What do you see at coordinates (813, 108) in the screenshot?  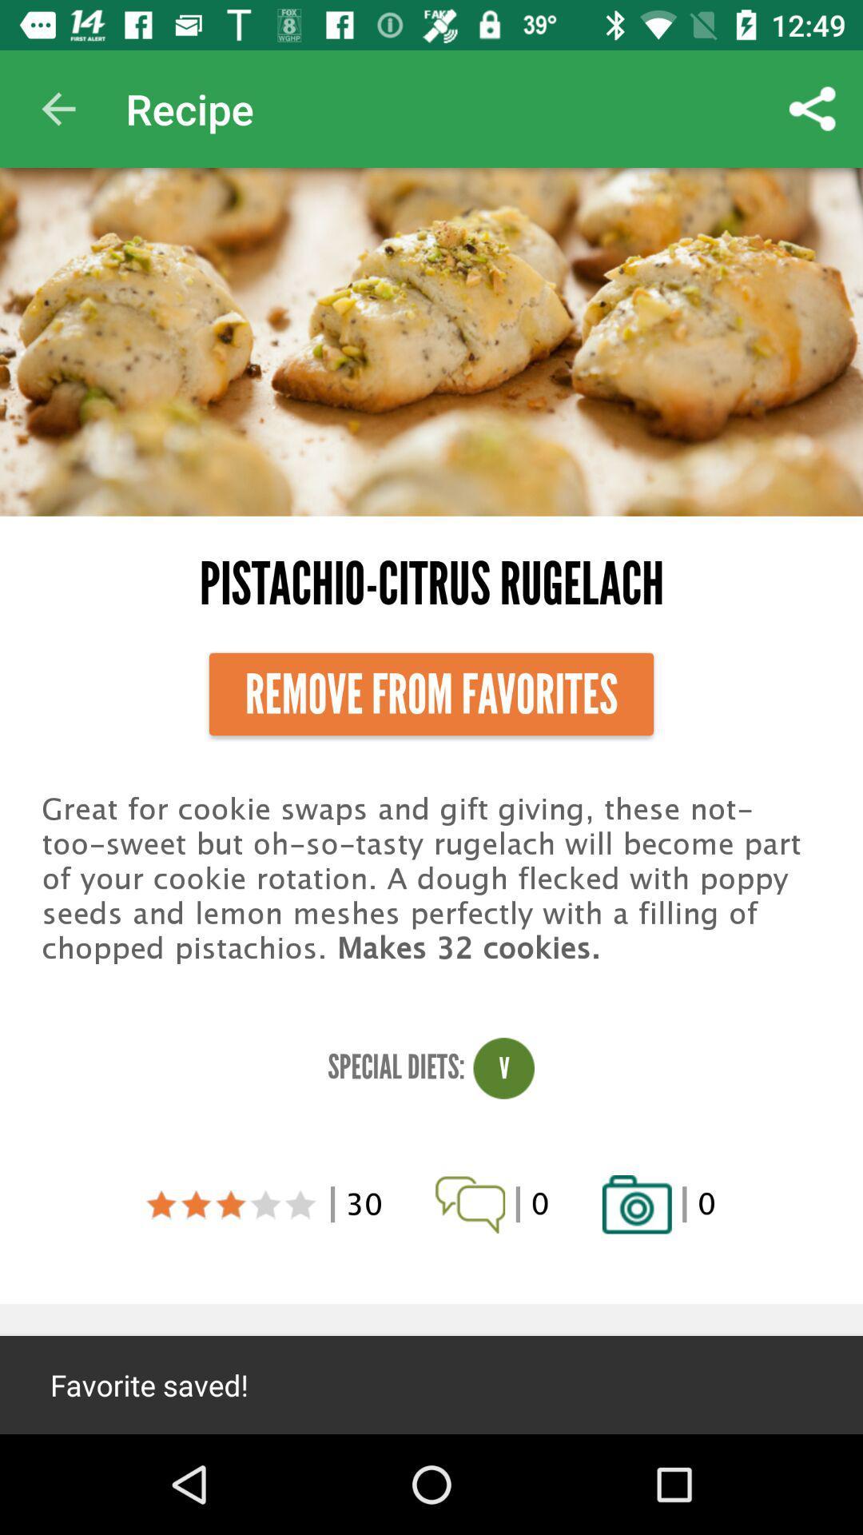 I see `the item at the top right corner` at bounding box center [813, 108].